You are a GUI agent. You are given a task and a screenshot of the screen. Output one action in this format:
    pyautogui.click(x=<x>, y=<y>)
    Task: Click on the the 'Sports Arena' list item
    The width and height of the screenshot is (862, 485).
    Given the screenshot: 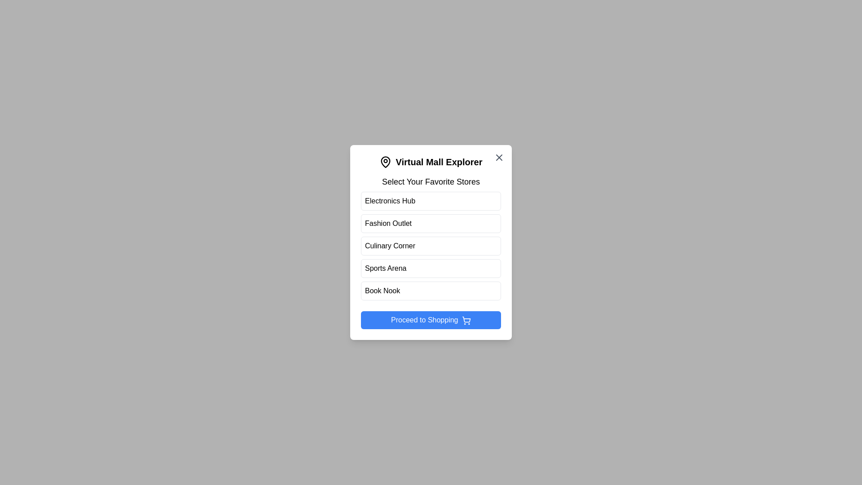 What is the action you would take?
    pyautogui.click(x=431, y=268)
    